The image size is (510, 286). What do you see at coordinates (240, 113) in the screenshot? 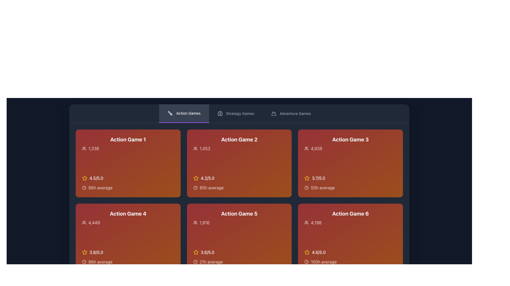
I see `the 'Strategy Games' text button located in the upper central area of the interface, which is the second option in the navigation bar` at bounding box center [240, 113].